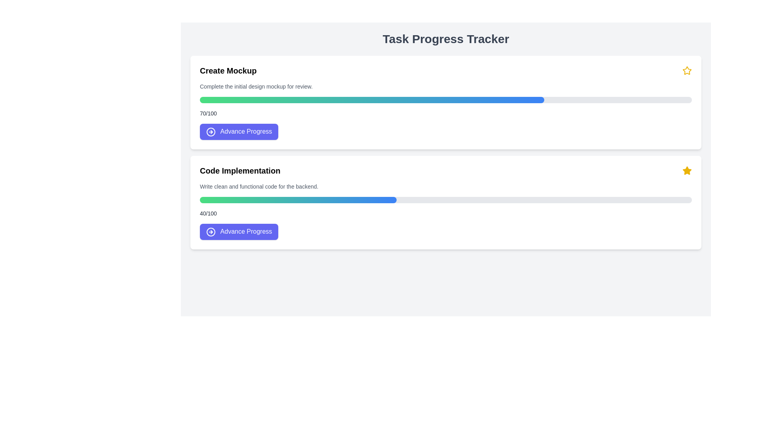 This screenshot has width=760, height=427. What do you see at coordinates (446, 199) in the screenshot?
I see `the progress bar located in the 'Code Implementation' section, beneath the text 'Write clean and functional code for the backend.'` at bounding box center [446, 199].